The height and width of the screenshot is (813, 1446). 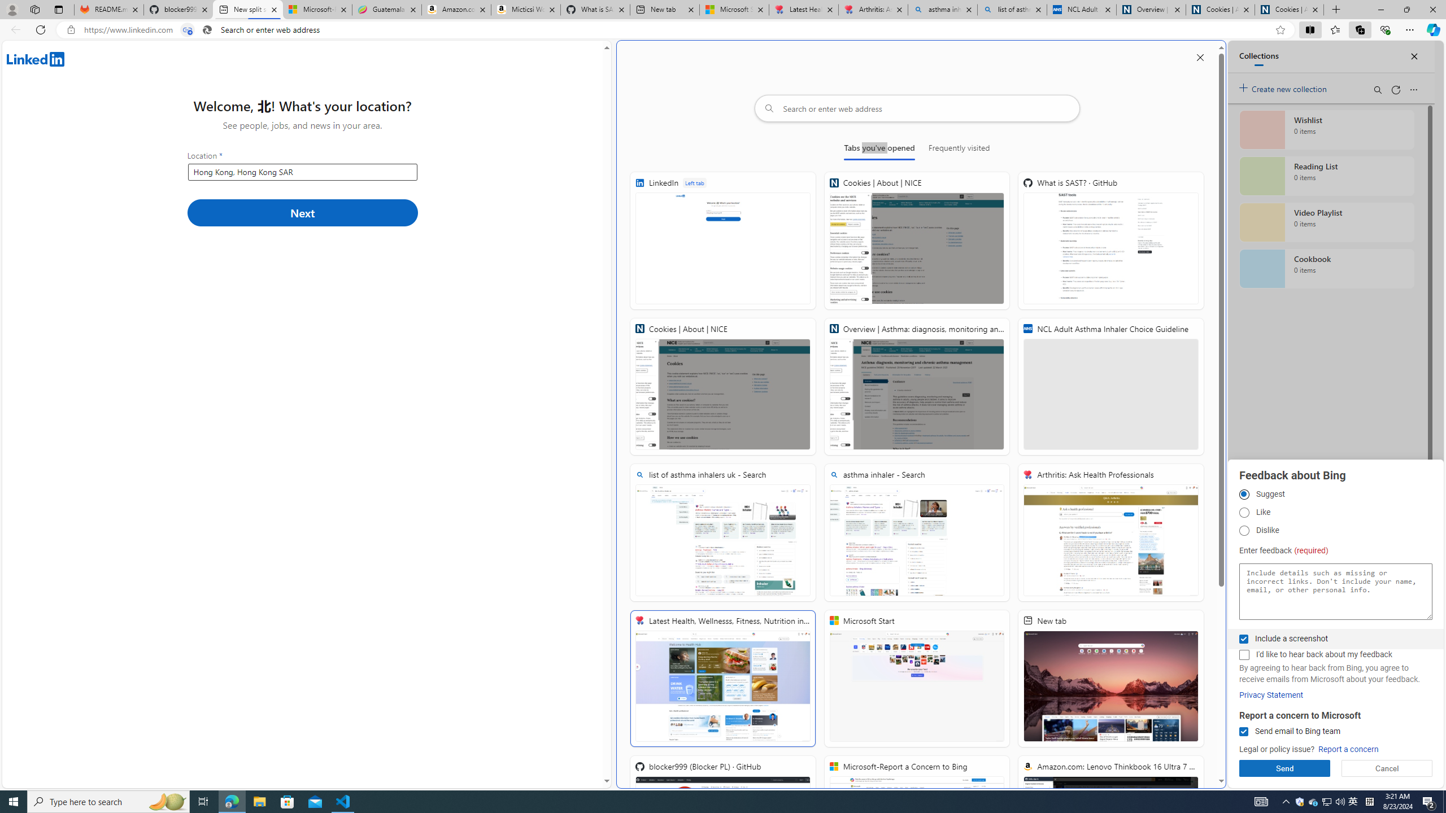 What do you see at coordinates (1284, 768) in the screenshot?
I see `'Send'` at bounding box center [1284, 768].